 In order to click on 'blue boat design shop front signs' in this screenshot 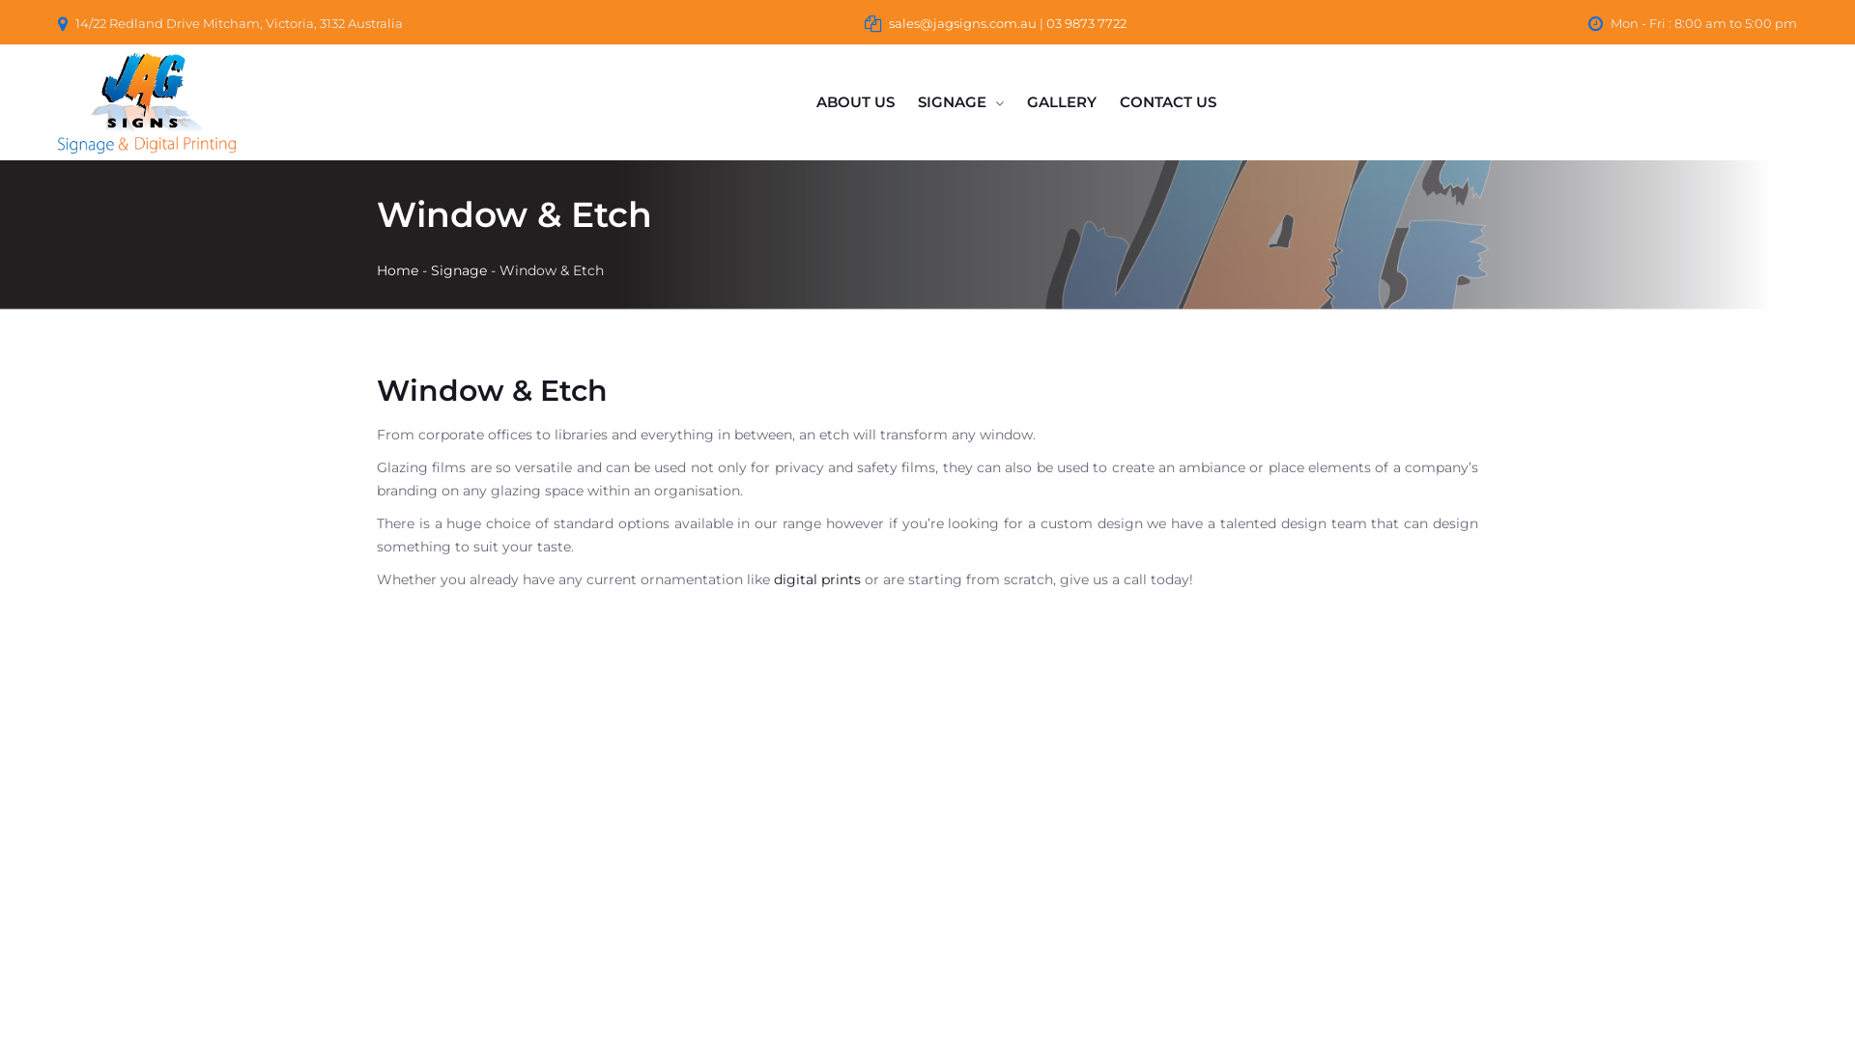, I will do `click(927, 793)`.